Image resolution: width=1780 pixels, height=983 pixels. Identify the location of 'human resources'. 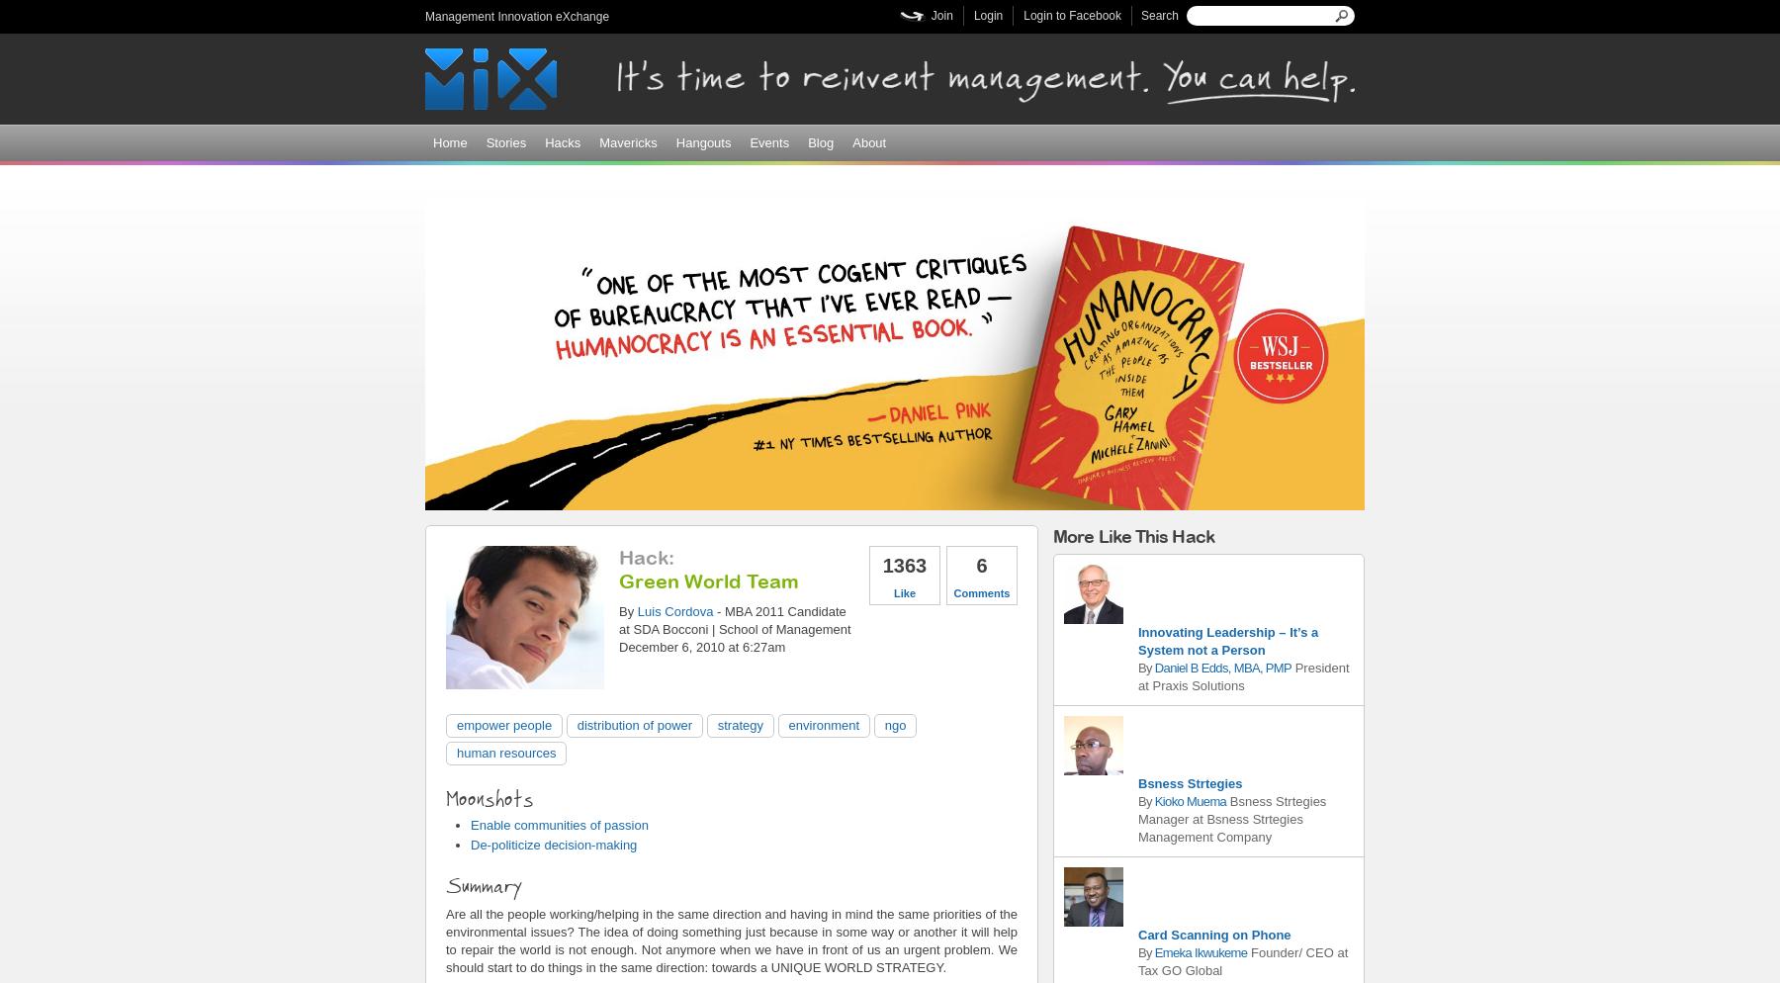
(504, 751).